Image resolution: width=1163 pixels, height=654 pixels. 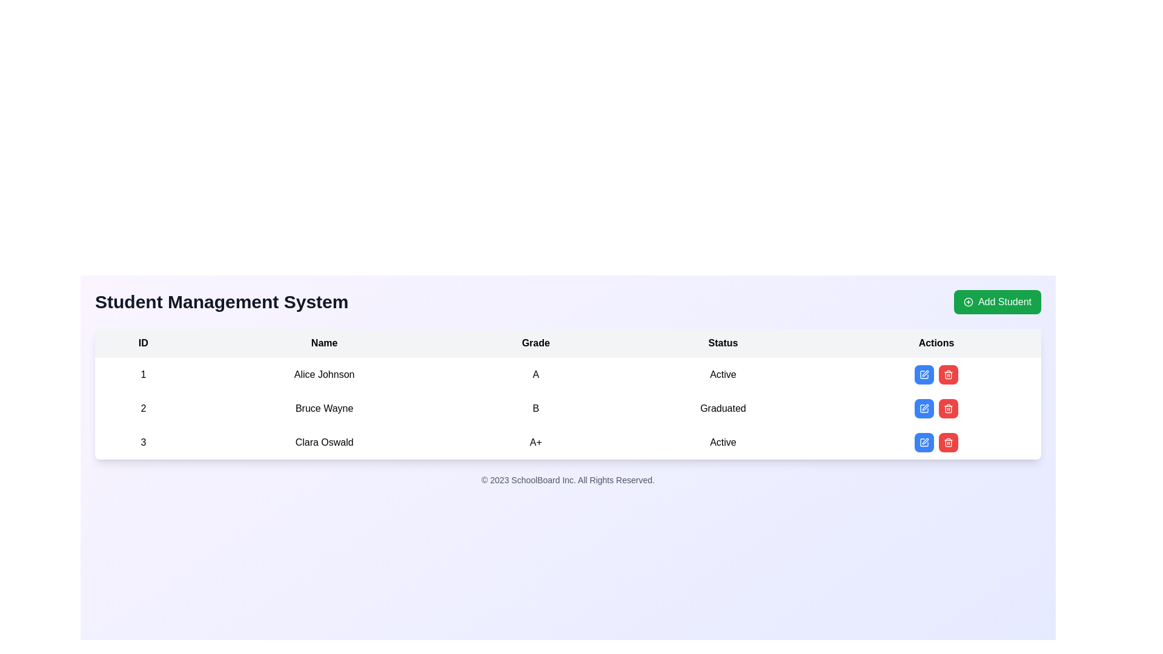 I want to click on the editing icon with a pen symbol in the 'Actions' column for Clara Oswald to possibly see a tooltip, so click(x=924, y=443).